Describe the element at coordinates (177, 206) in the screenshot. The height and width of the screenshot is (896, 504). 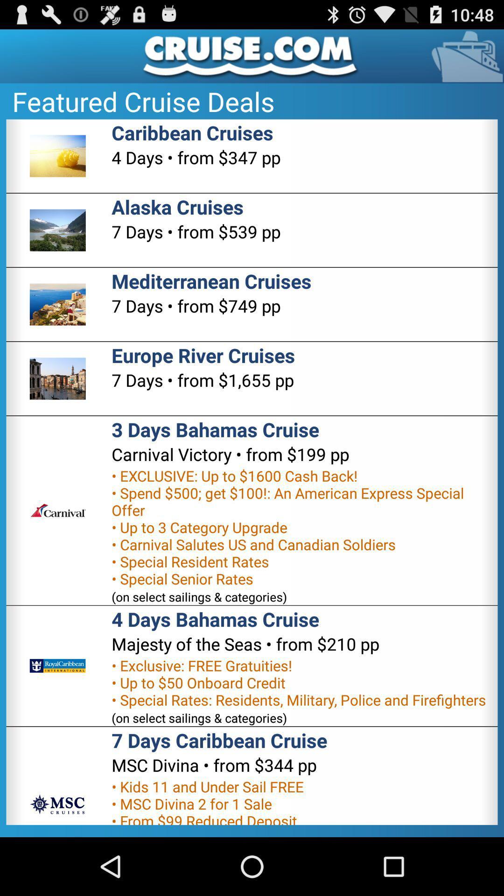
I see `the item above the 7 days from icon` at that location.